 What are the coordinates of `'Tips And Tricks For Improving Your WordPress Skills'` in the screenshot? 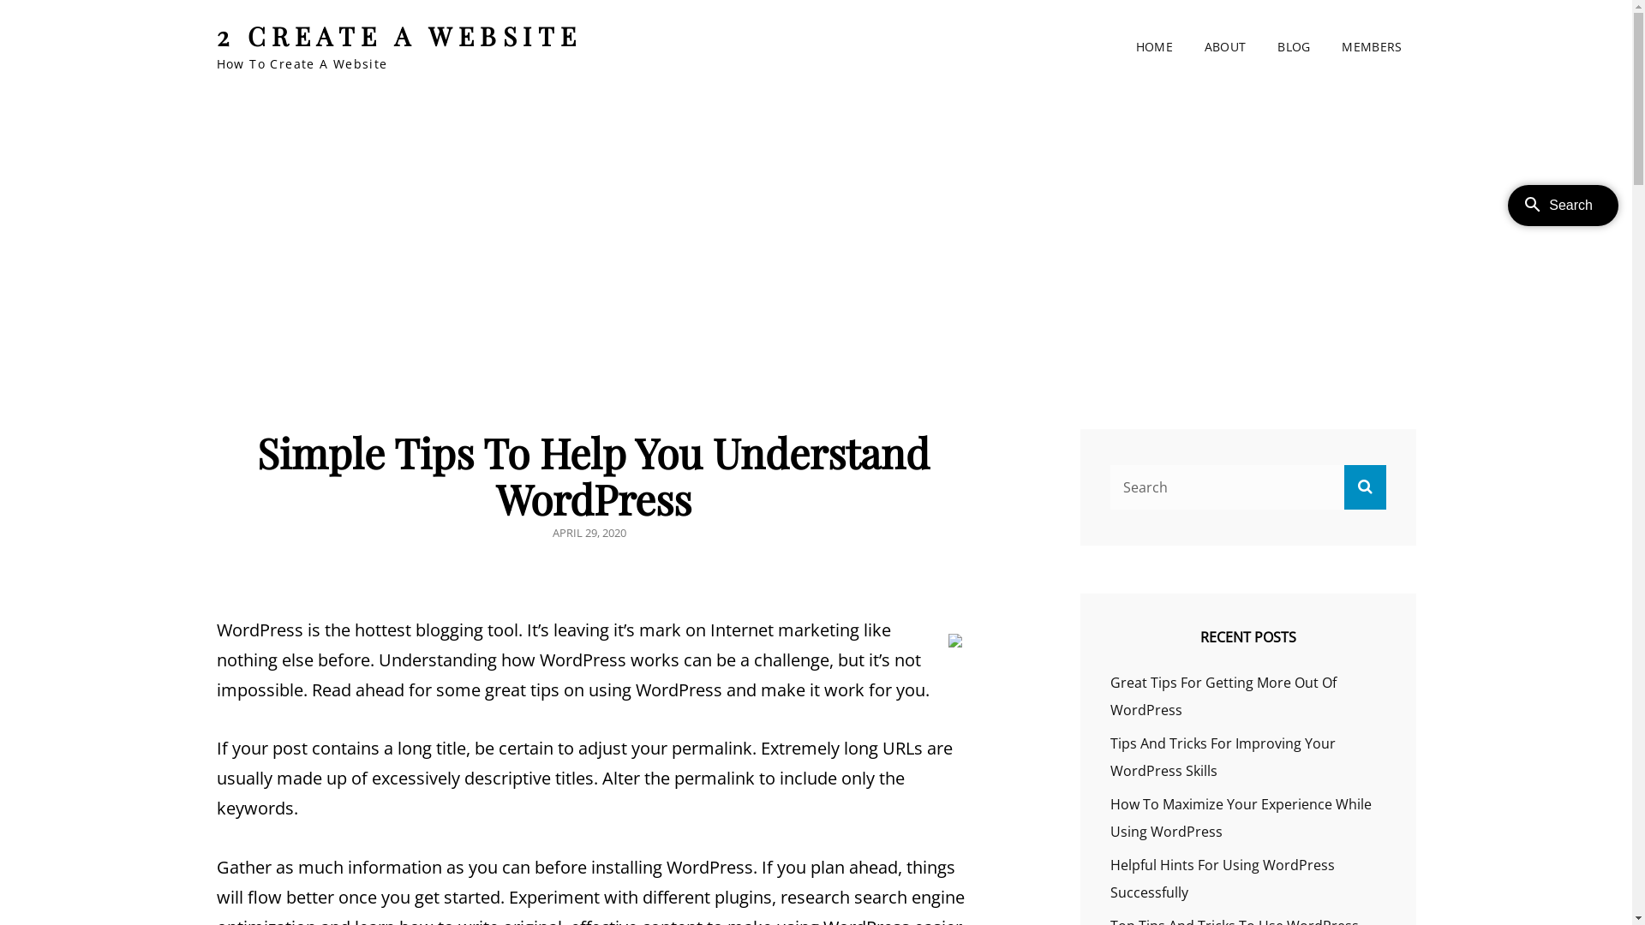 It's located at (1222, 755).